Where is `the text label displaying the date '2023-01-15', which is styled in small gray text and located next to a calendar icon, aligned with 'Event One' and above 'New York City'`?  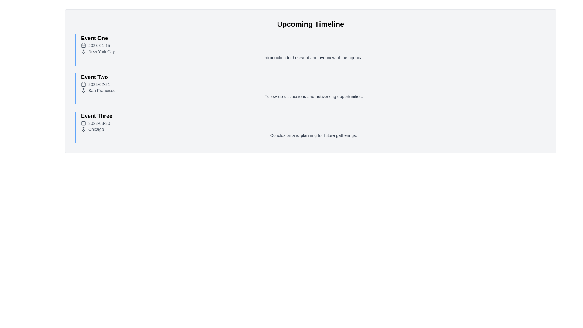 the text label displaying the date '2023-01-15', which is styled in small gray text and located next to a calendar icon, aligned with 'Event One' and above 'New York City' is located at coordinates (99, 45).